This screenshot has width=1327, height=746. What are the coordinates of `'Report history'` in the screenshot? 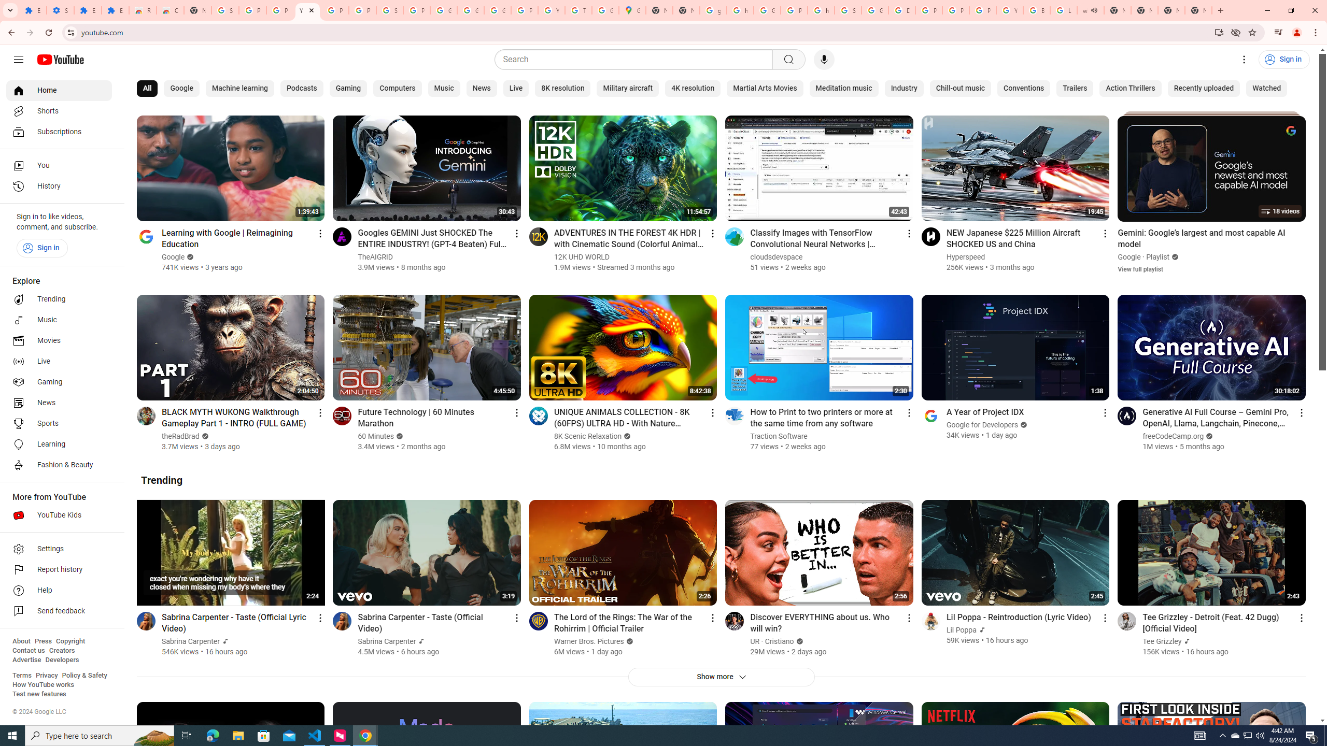 It's located at (59, 569).